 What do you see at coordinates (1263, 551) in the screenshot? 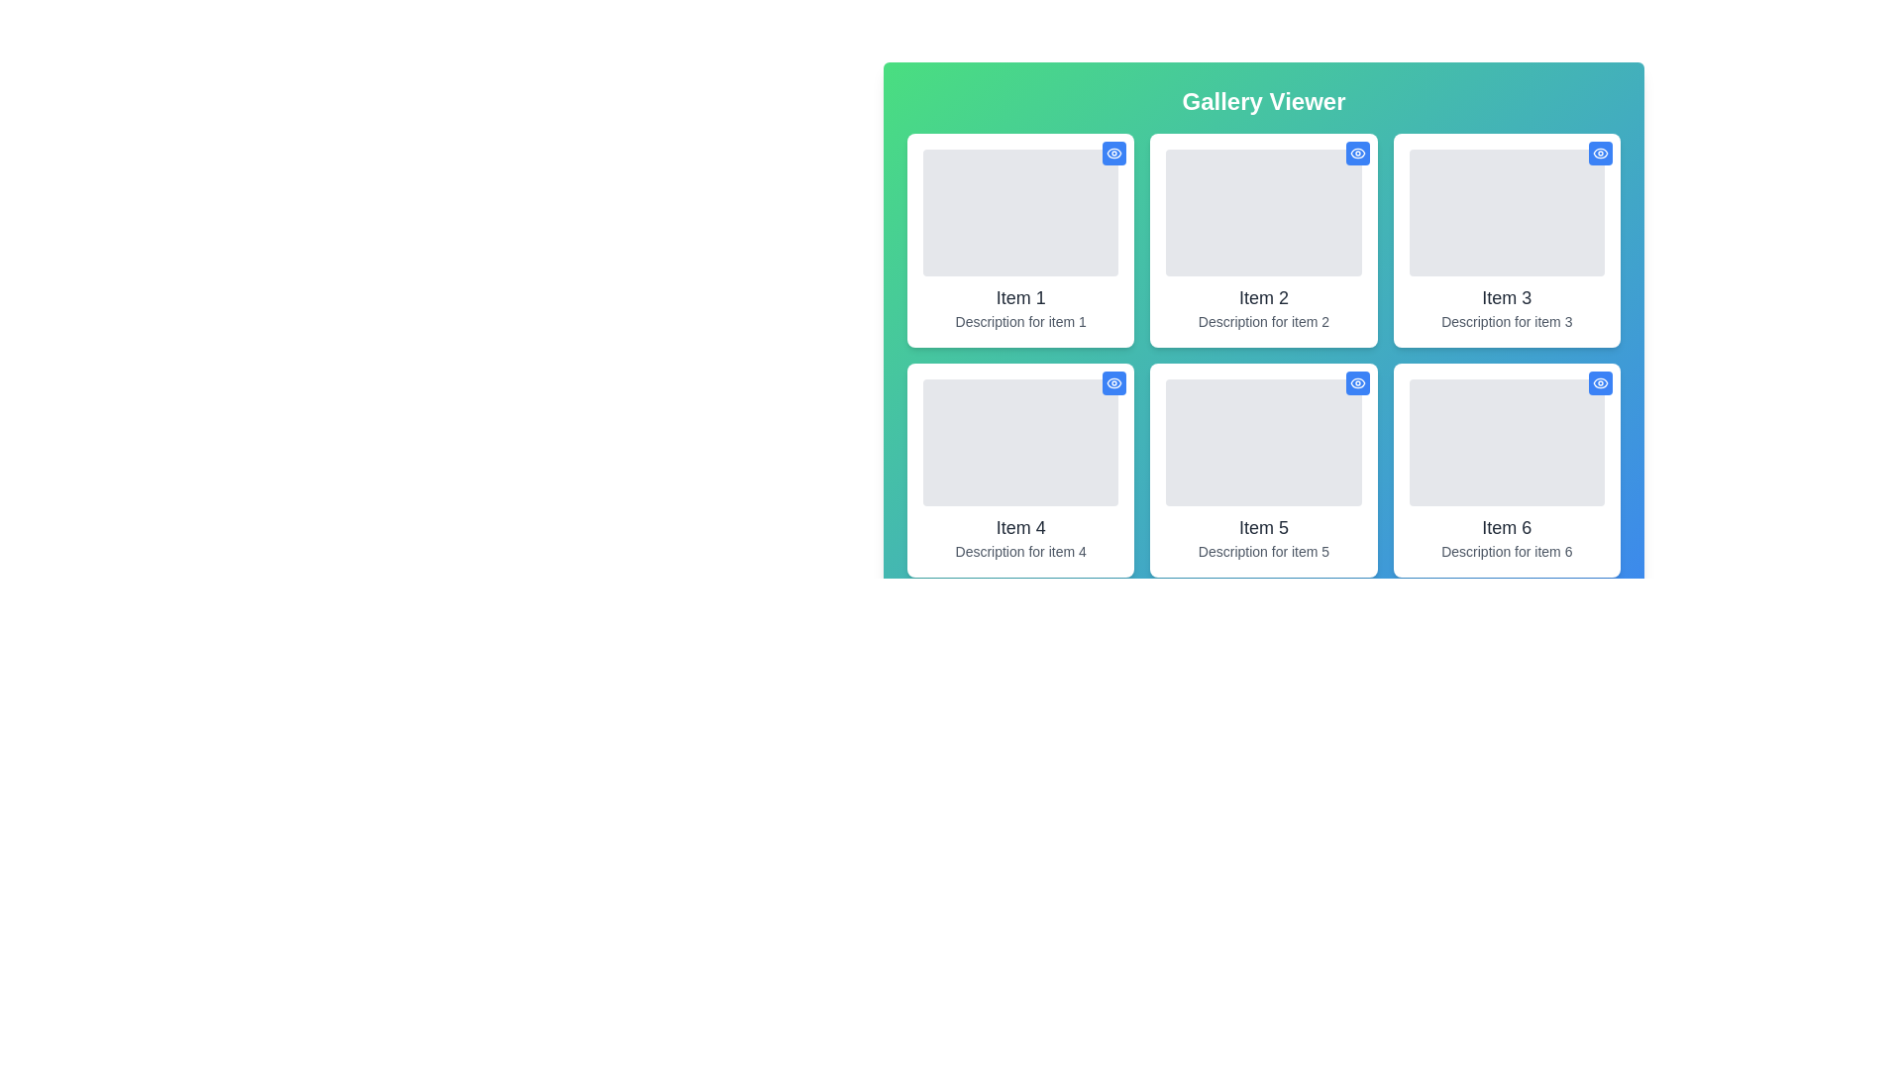
I see `the text label that provides descriptive information regarding 'Item 5', located within the fifth card in a grid layout` at bounding box center [1263, 551].